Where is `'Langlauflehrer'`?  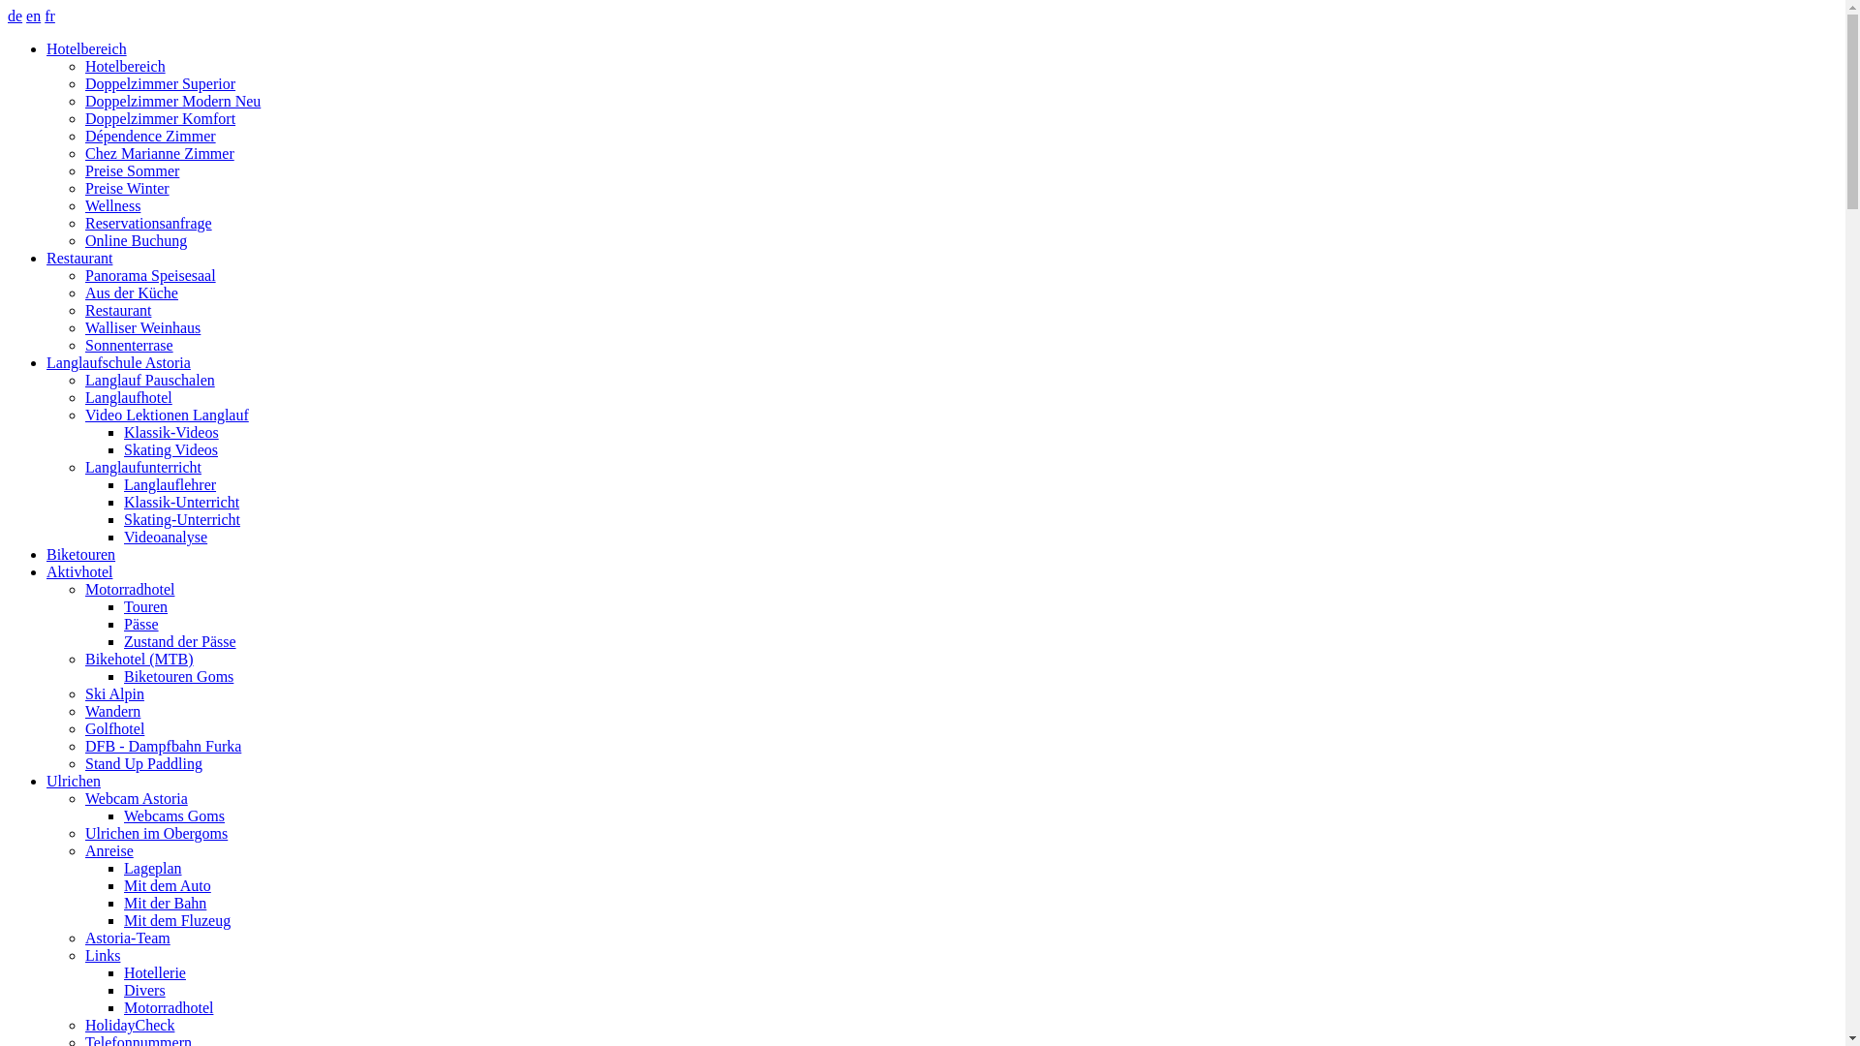
'Langlauflehrer' is located at coordinates (170, 483).